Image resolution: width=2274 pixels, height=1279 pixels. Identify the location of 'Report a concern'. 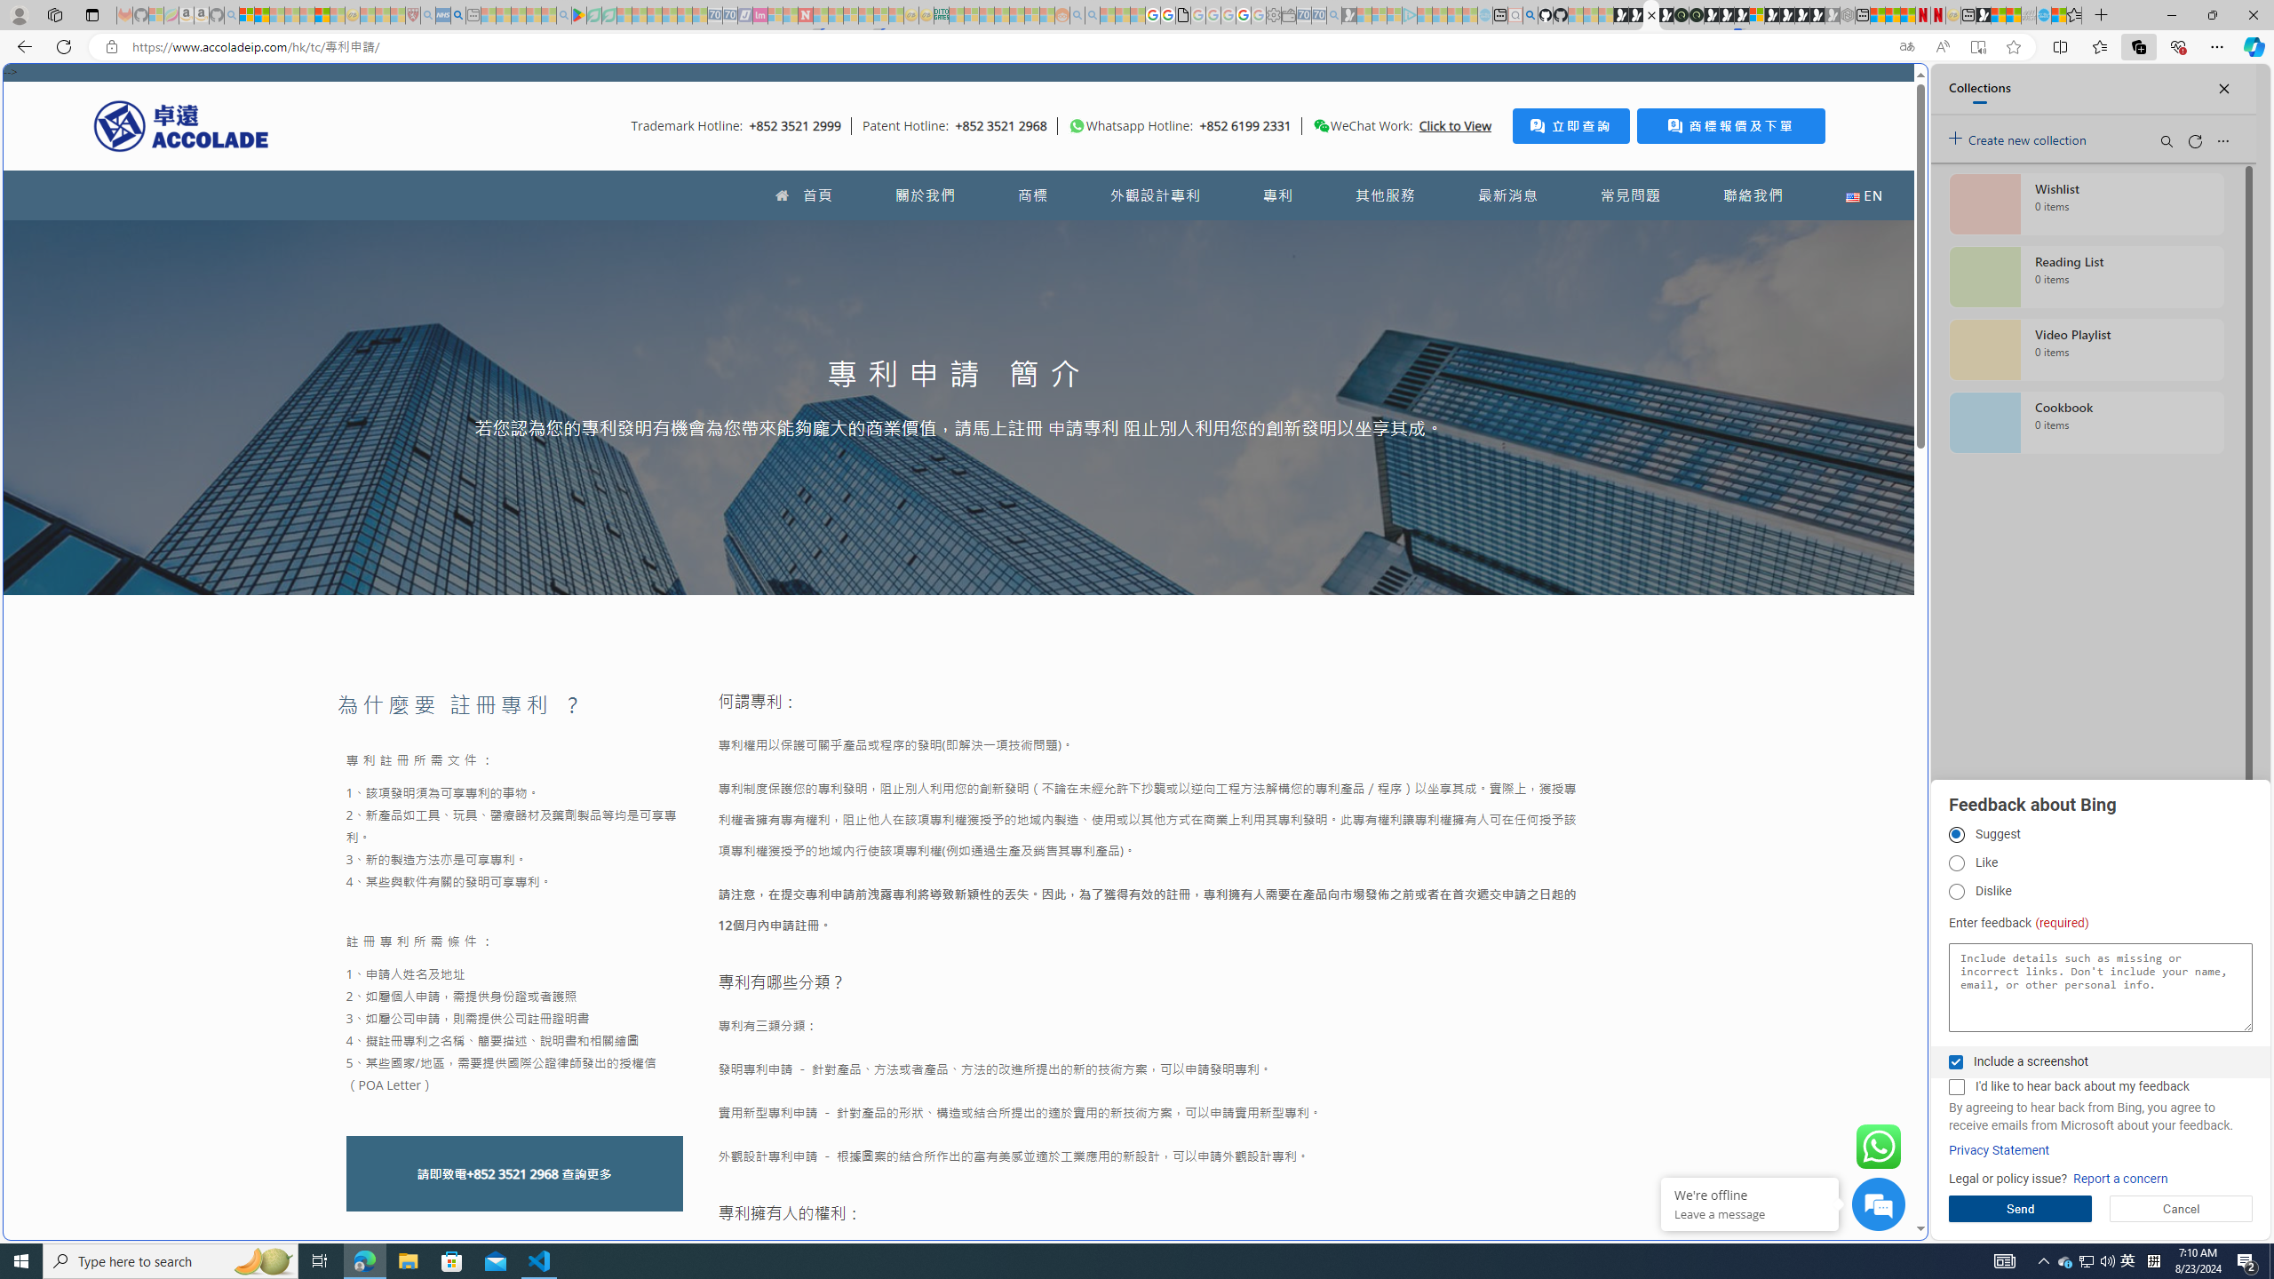
(2121, 1178).